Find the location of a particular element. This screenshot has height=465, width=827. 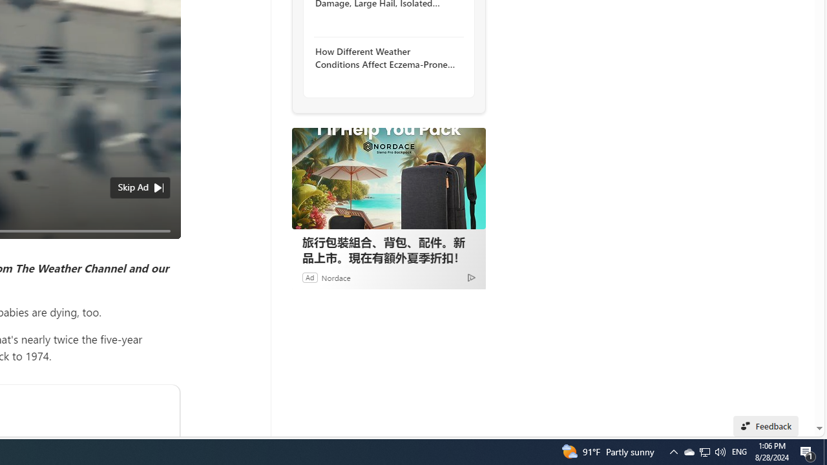

'Ad' is located at coordinates (309, 276).